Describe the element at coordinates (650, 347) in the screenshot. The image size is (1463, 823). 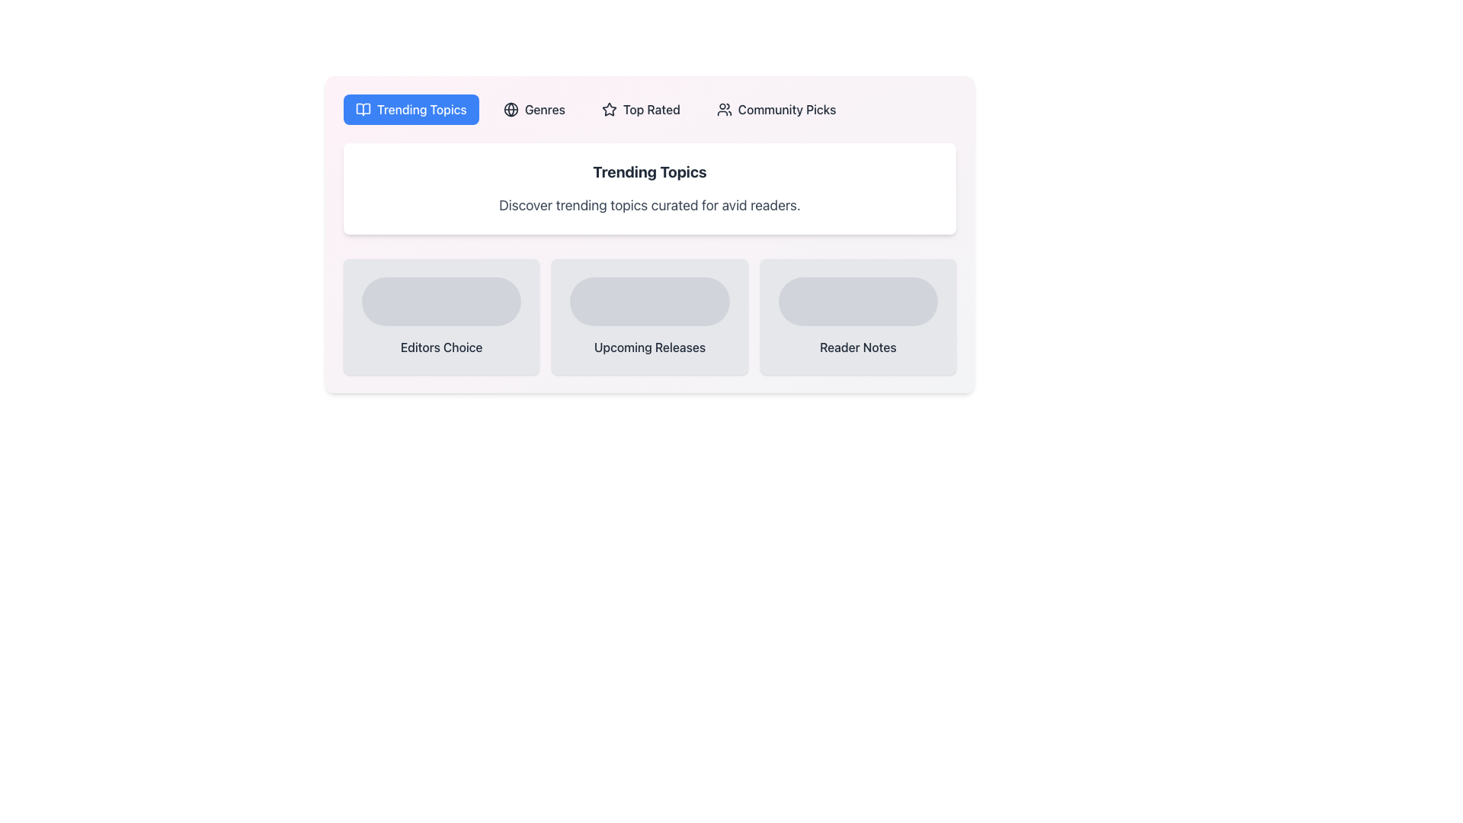
I see `the 'Upcoming Releases' textual label, which is displayed in dark gray on a light background, centrally positioned beneath a rounded graphical placeholder within the central card of three horizontally arranged cards` at that location.